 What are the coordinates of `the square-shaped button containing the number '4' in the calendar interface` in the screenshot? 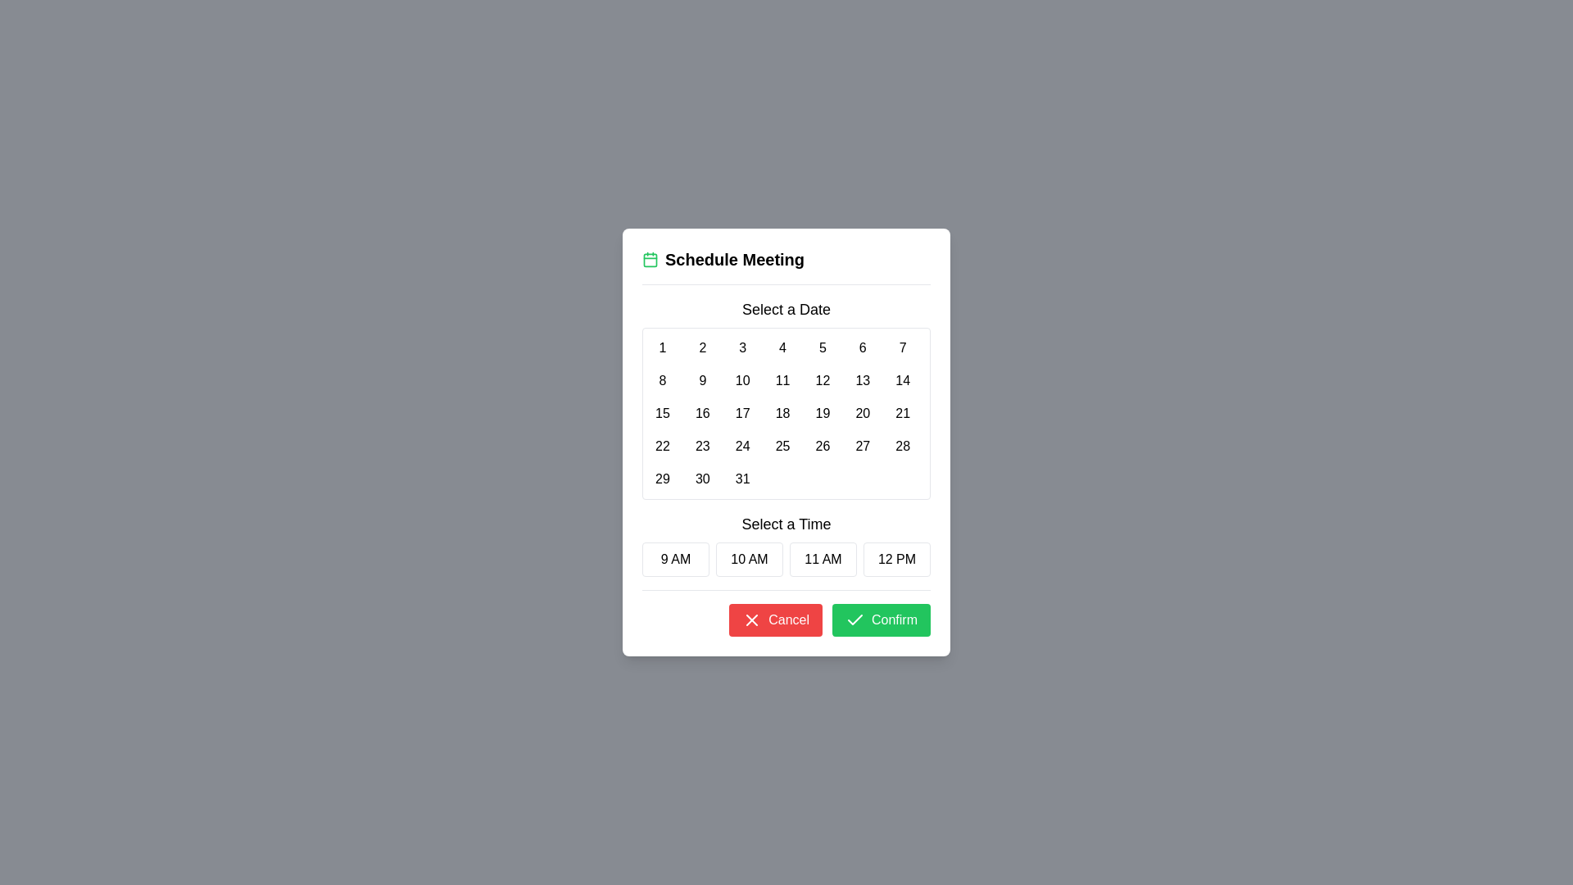 It's located at (782, 347).